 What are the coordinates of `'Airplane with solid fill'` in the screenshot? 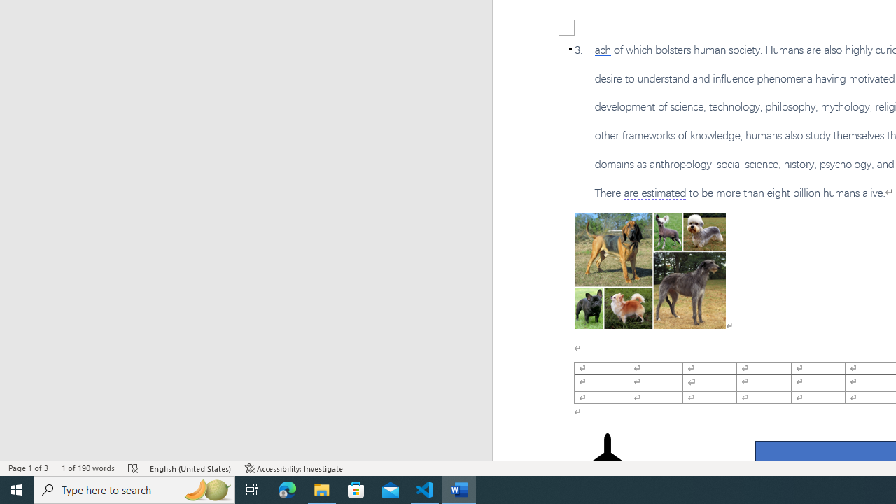 It's located at (607, 461).